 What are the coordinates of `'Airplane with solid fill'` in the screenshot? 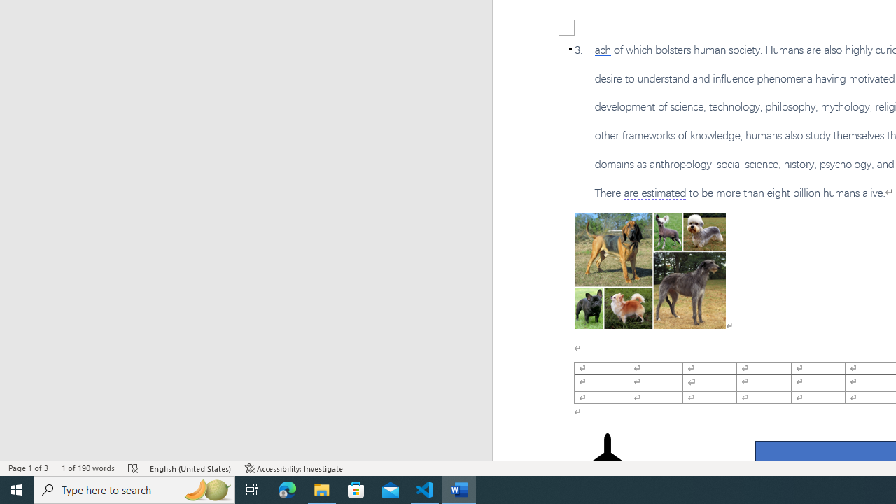 It's located at (607, 461).